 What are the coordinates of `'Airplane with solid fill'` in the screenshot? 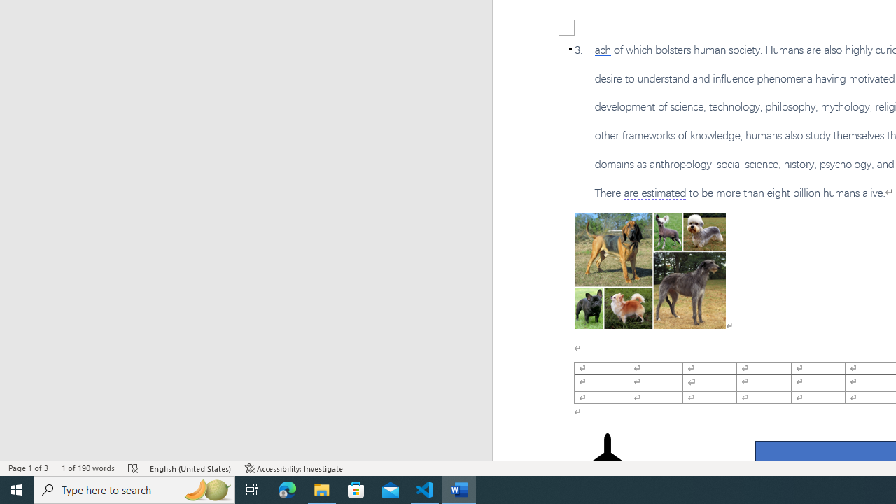 It's located at (607, 461).